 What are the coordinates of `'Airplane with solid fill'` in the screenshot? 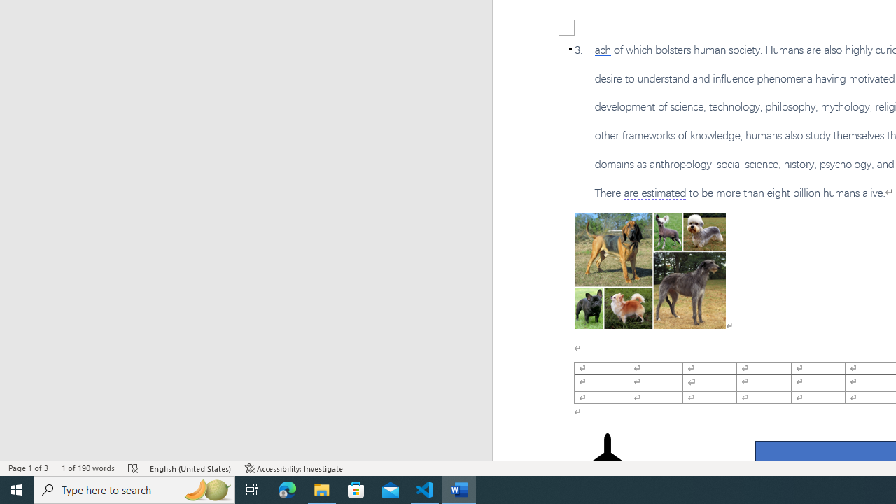 It's located at (607, 461).